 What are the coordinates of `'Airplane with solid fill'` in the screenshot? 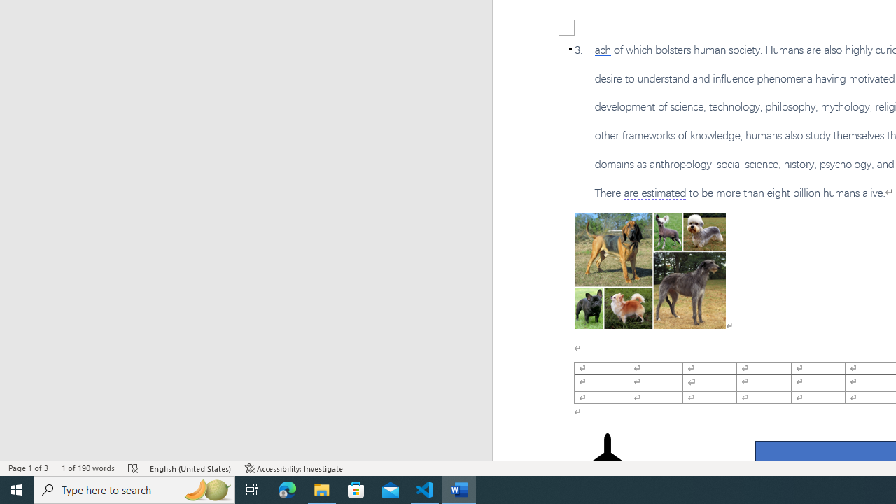 It's located at (607, 461).